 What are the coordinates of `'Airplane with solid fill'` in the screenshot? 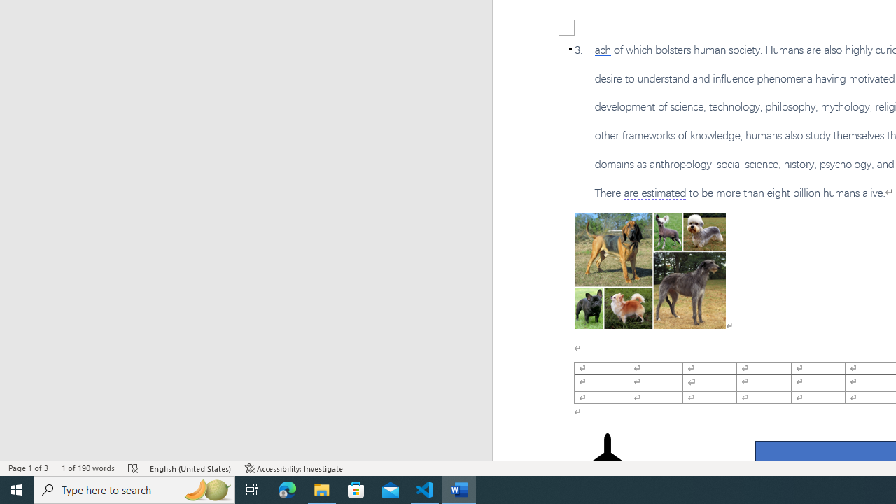 It's located at (607, 461).